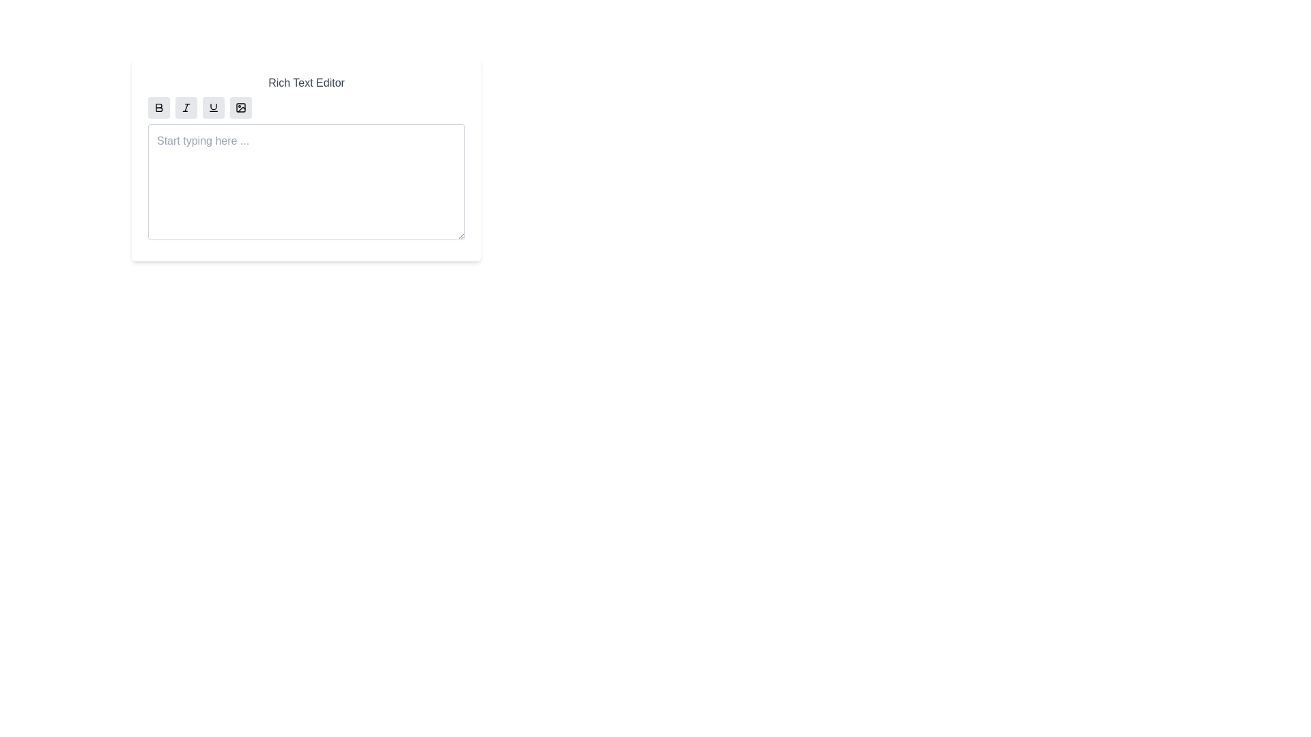 This screenshot has height=737, width=1311. I want to click on the small photograph icon button in the toolbar of the rich text editor, so click(241, 107).